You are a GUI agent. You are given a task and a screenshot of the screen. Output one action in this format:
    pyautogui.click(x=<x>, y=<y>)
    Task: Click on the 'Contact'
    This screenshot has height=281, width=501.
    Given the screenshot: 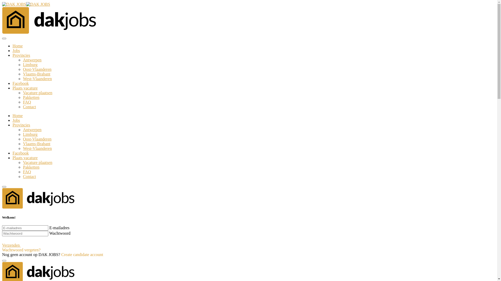 What is the action you would take?
    pyautogui.click(x=22, y=176)
    